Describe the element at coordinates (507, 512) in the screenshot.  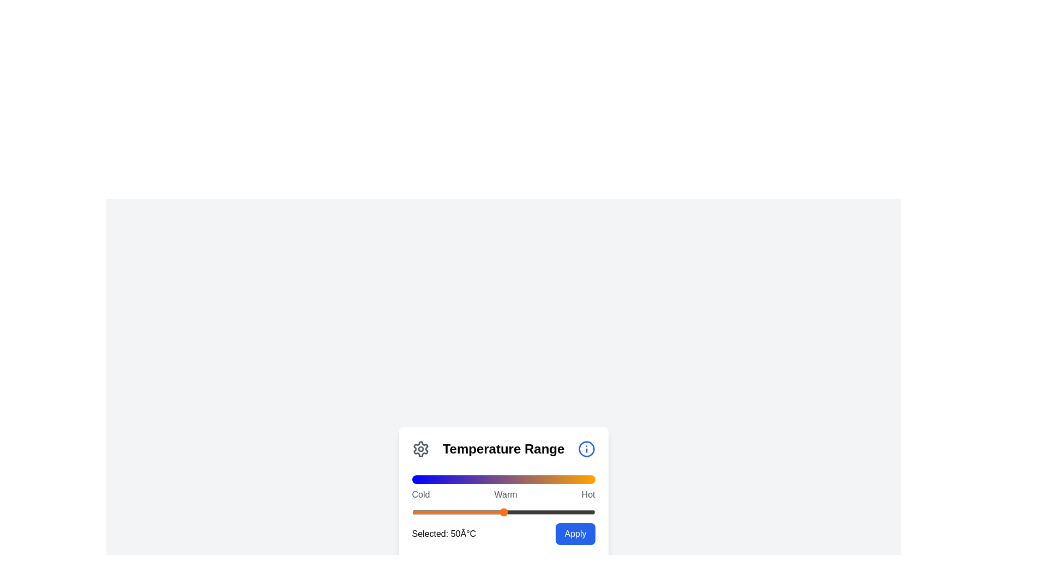
I see `the slider to set the temperature value to 52` at that location.